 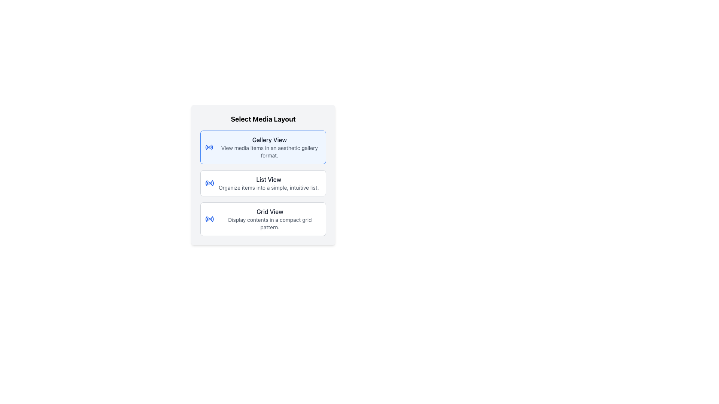 What do you see at coordinates (270, 223) in the screenshot?
I see `the static text label that provides additional details about the 'Grid View' option, which is located under the bold label 'Grid View' in the 'Select Media Layout' section` at bounding box center [270, 223].